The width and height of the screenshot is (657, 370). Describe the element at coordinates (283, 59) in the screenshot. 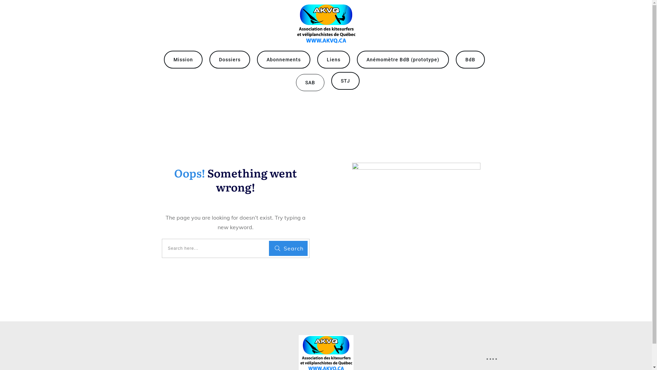

I see `'Abonnements'` at that location.